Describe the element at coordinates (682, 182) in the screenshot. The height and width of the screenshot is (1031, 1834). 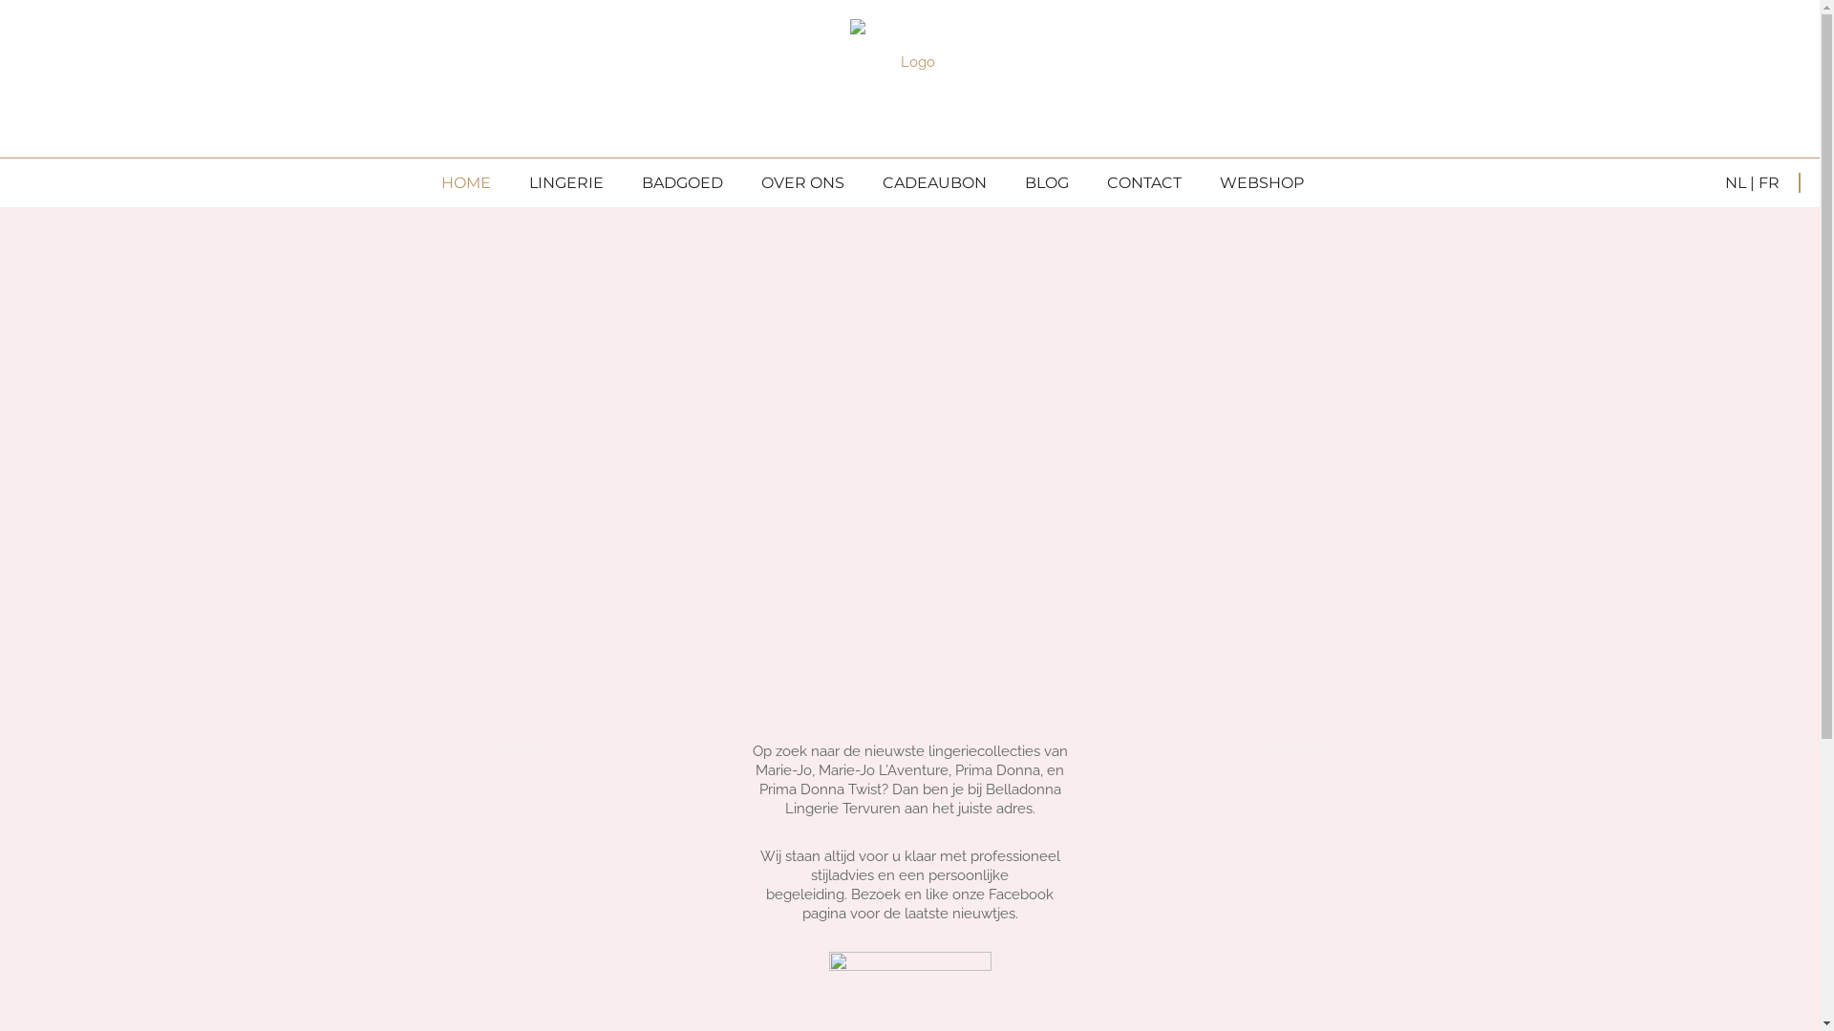
I see `'BADGOED'` at that location.